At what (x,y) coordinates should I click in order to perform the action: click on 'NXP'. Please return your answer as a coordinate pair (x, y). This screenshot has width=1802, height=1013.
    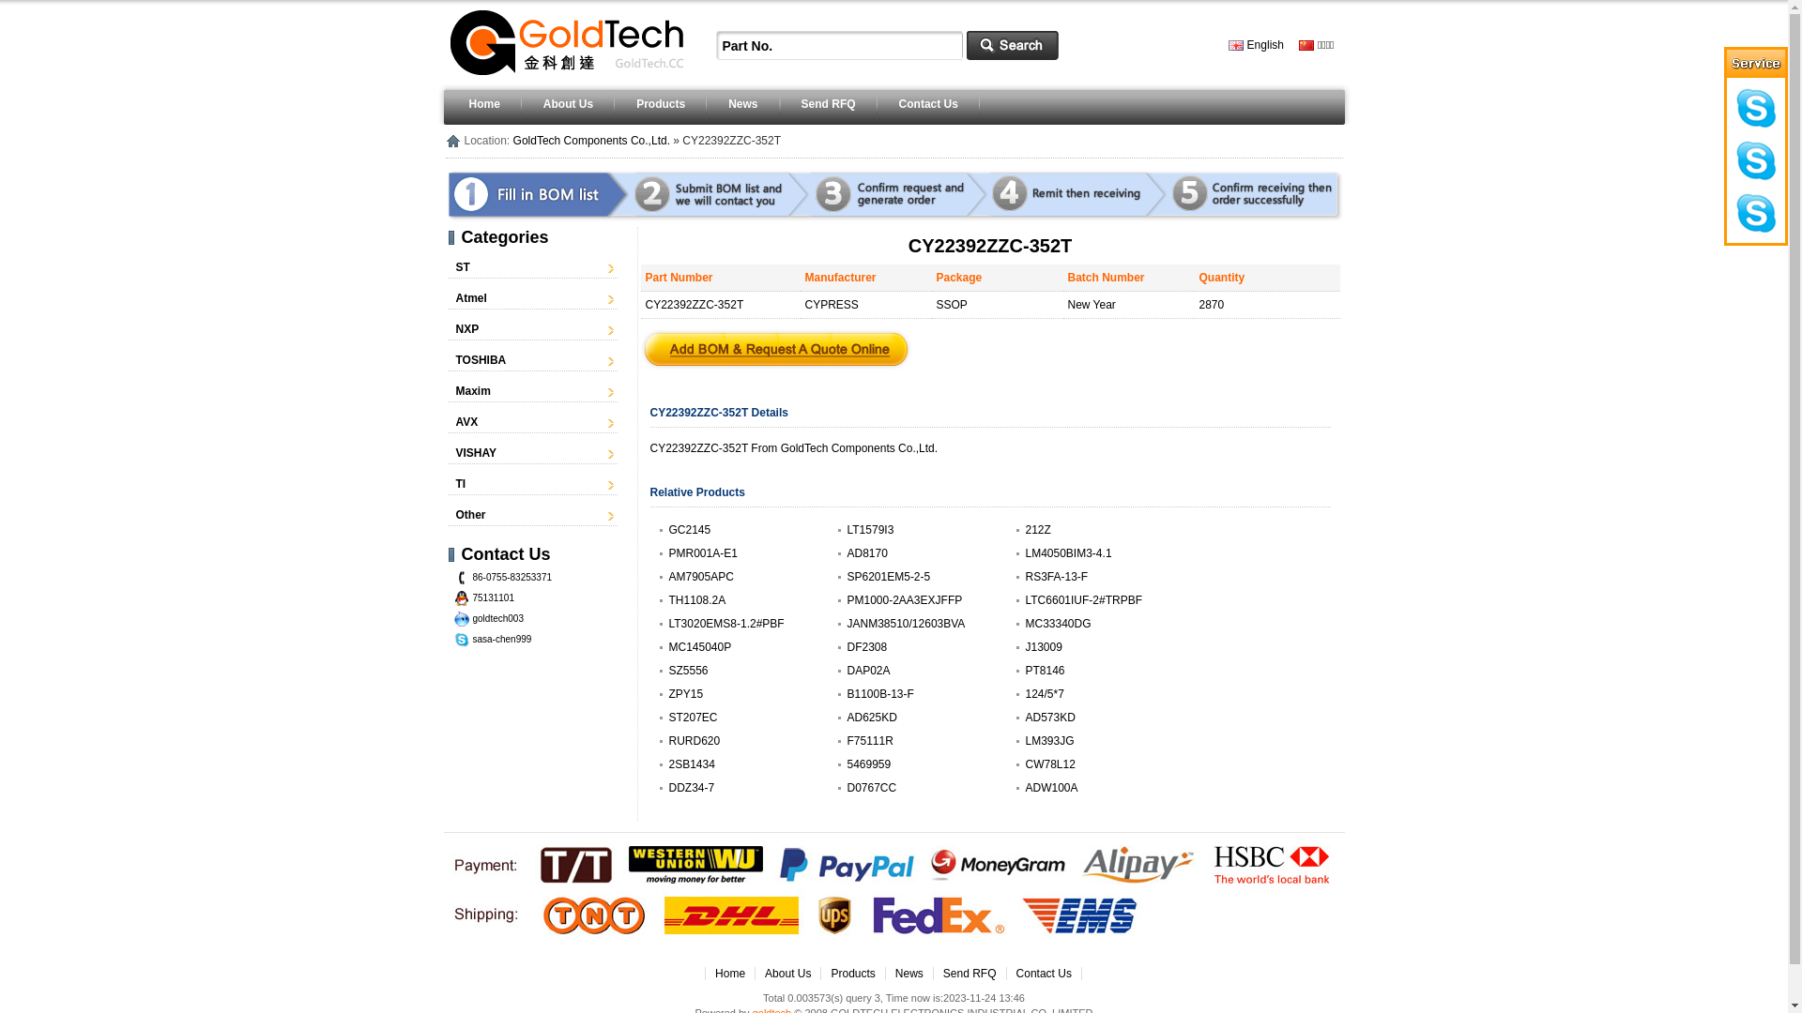
    Looking at the image, I should click on (467, 328).